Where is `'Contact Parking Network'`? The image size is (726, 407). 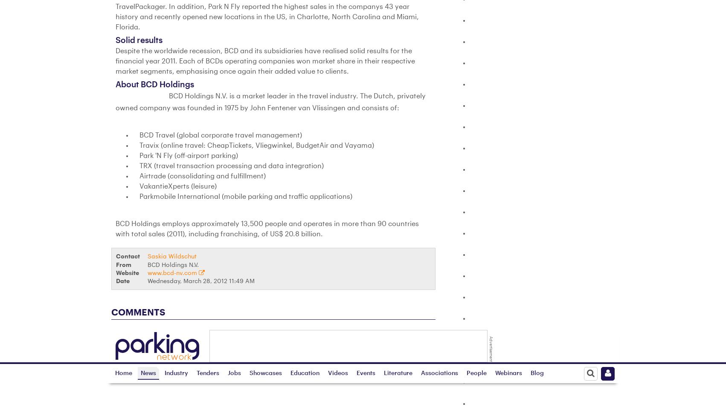 'Contact Parking Network' is located at coordinates (485, 330).